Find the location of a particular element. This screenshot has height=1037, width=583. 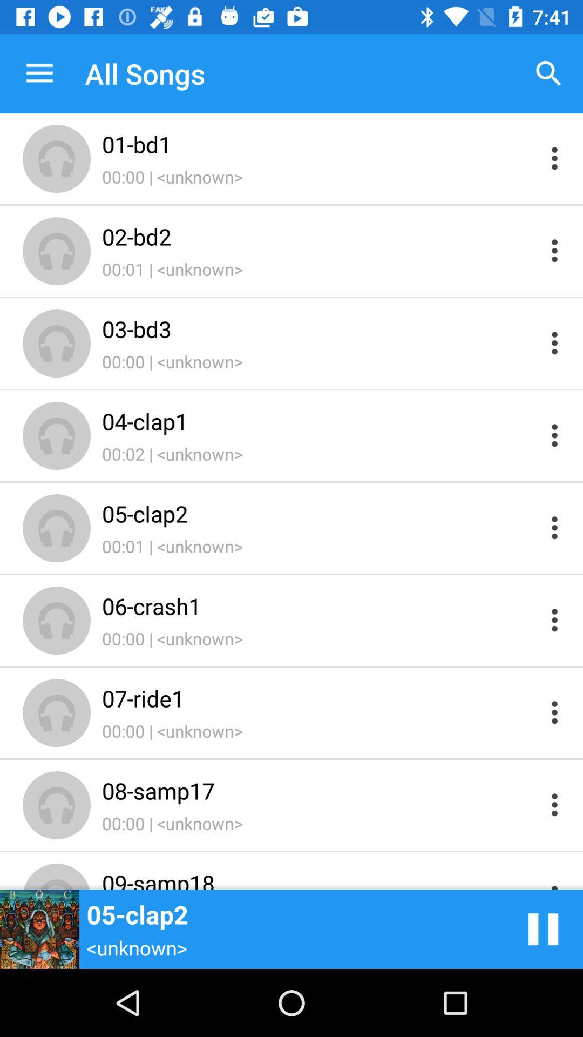

click for more options is located at coordinates (554, 435).